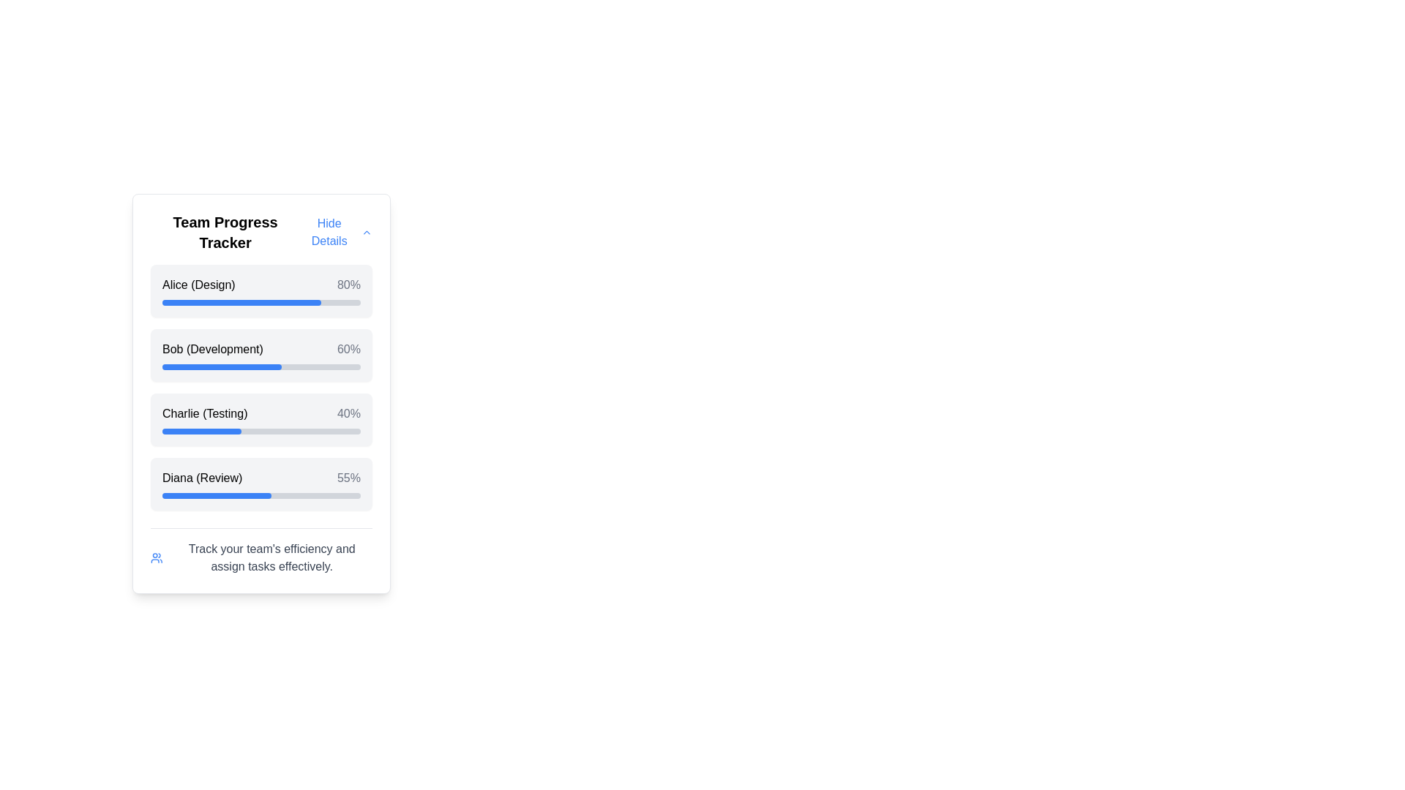  I want to click on displayed text '55%' from the text display styled in gray font, located on the right side of the row labeled 'Diana (Review)', so click(348, 478).